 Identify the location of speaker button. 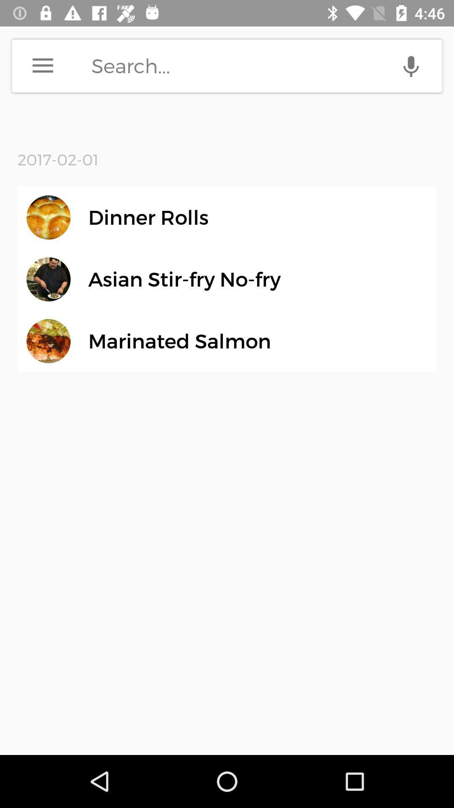
(411, 65).